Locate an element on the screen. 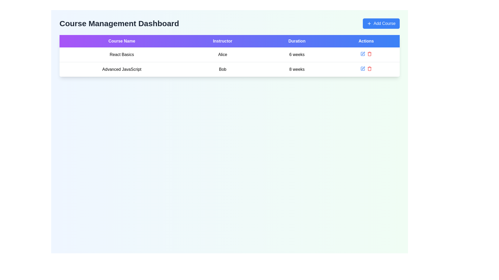 Image resolution: width=499 pixels, height=280 pixels. the column labels of the table header that organizes course-related data, which includes 'Course Name,' 'Instructor,' 'Duration,' is located at coordinates (229, 41).